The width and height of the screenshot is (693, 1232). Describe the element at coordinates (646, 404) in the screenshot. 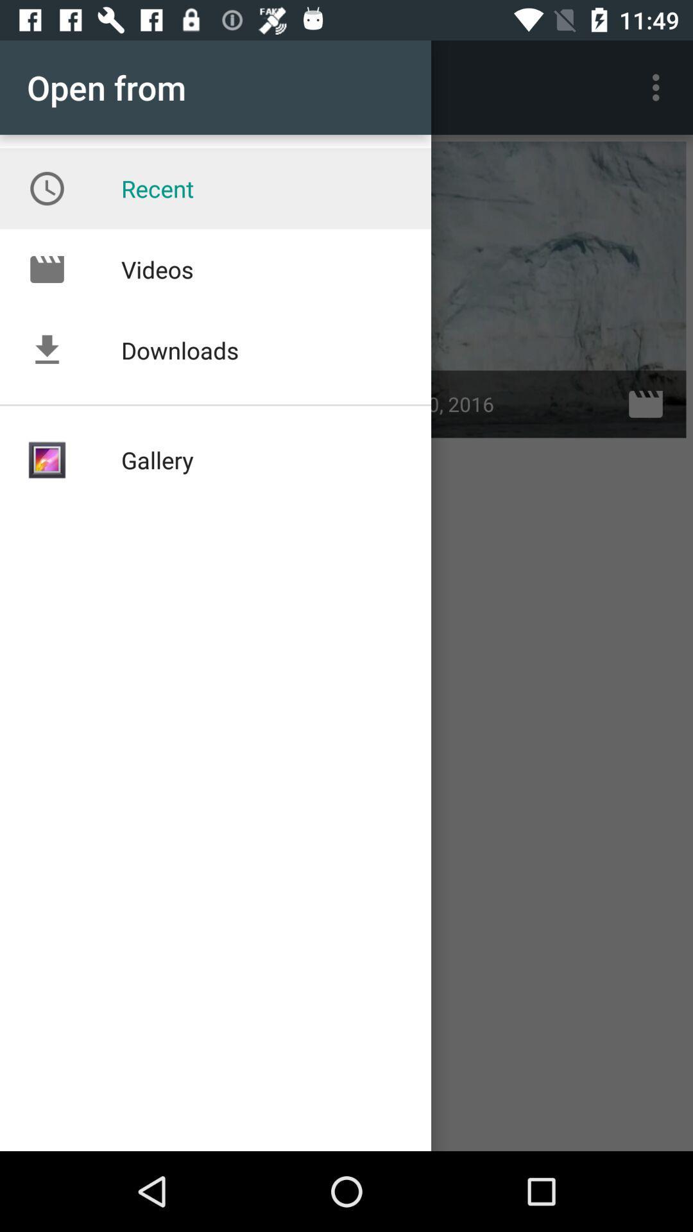

I see `video icon in right of the page` at that location.